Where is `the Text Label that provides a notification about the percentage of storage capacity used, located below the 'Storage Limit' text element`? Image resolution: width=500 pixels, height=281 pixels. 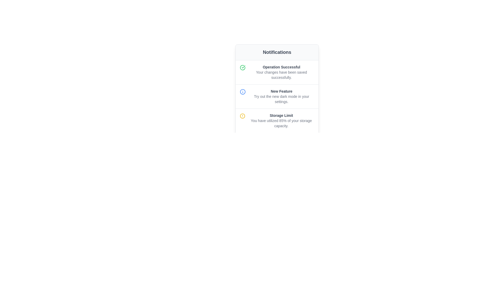 the Text Label that provides a notification about the percentage of storage capacity used, located below the 'Storage Limit' text element is located at coordinates (281, 123).